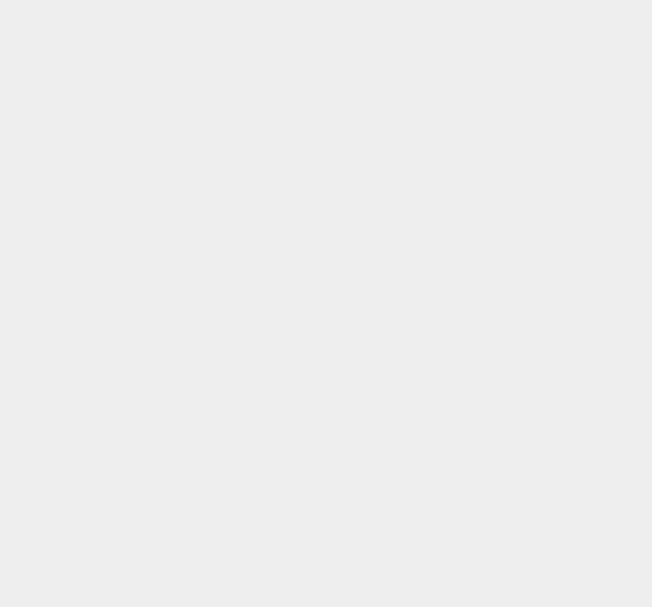 This screenshot has width=652, height=607. I want to click on 'TypePad', so click(475, 147).